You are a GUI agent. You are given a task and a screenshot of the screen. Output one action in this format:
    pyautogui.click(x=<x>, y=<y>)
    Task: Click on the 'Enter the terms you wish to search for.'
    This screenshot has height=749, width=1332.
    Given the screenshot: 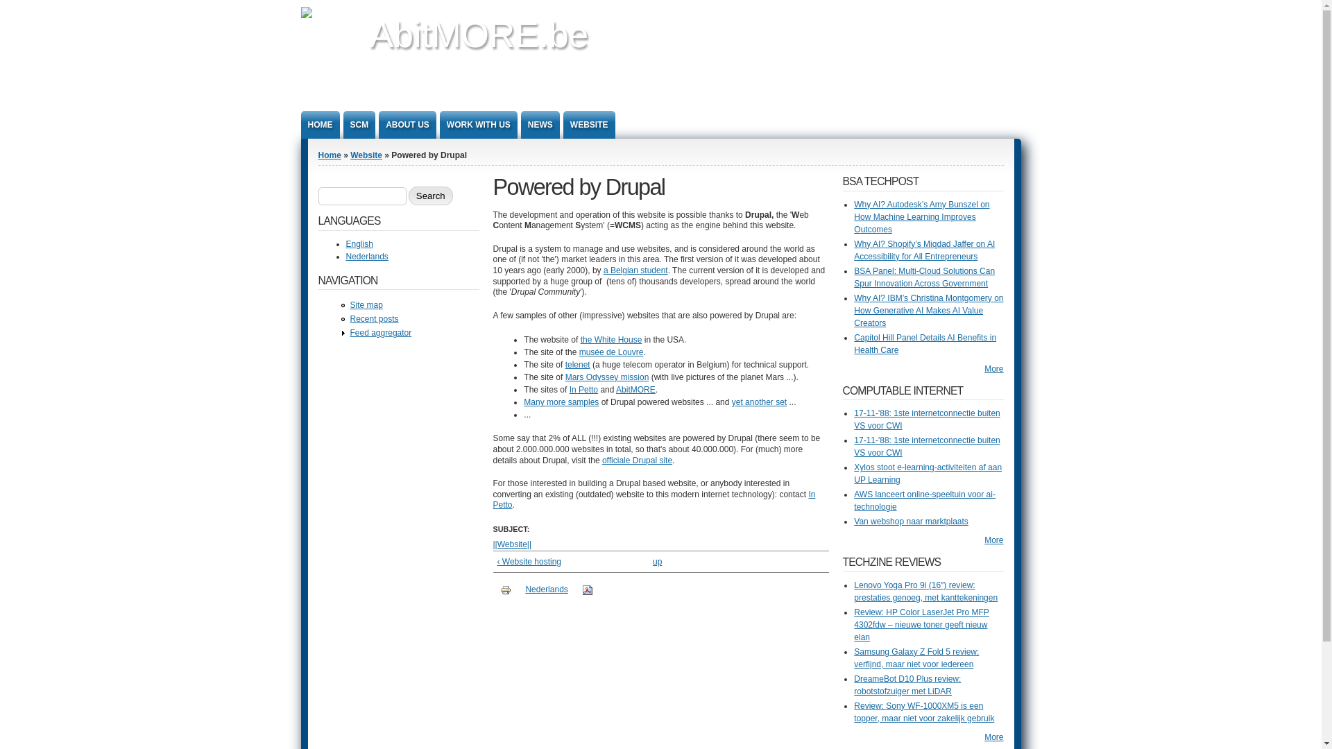 What is the action you would take?
    pyautogui.click(x=361, y=196)
    